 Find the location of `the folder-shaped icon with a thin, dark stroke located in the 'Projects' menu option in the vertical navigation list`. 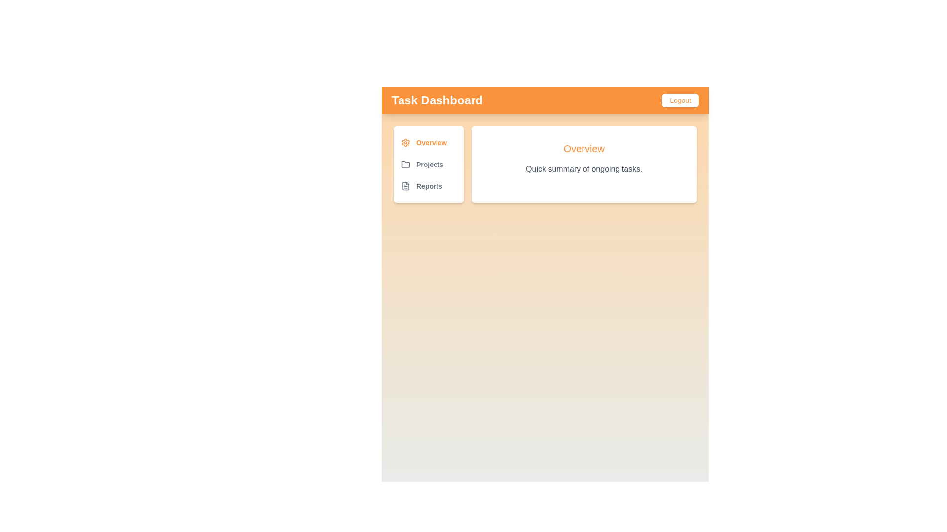

the folder-shaped icon with a thin, dark stroke located in the 'Projects' menu option in the vertical navigation list is located at coordinates (405, 164).